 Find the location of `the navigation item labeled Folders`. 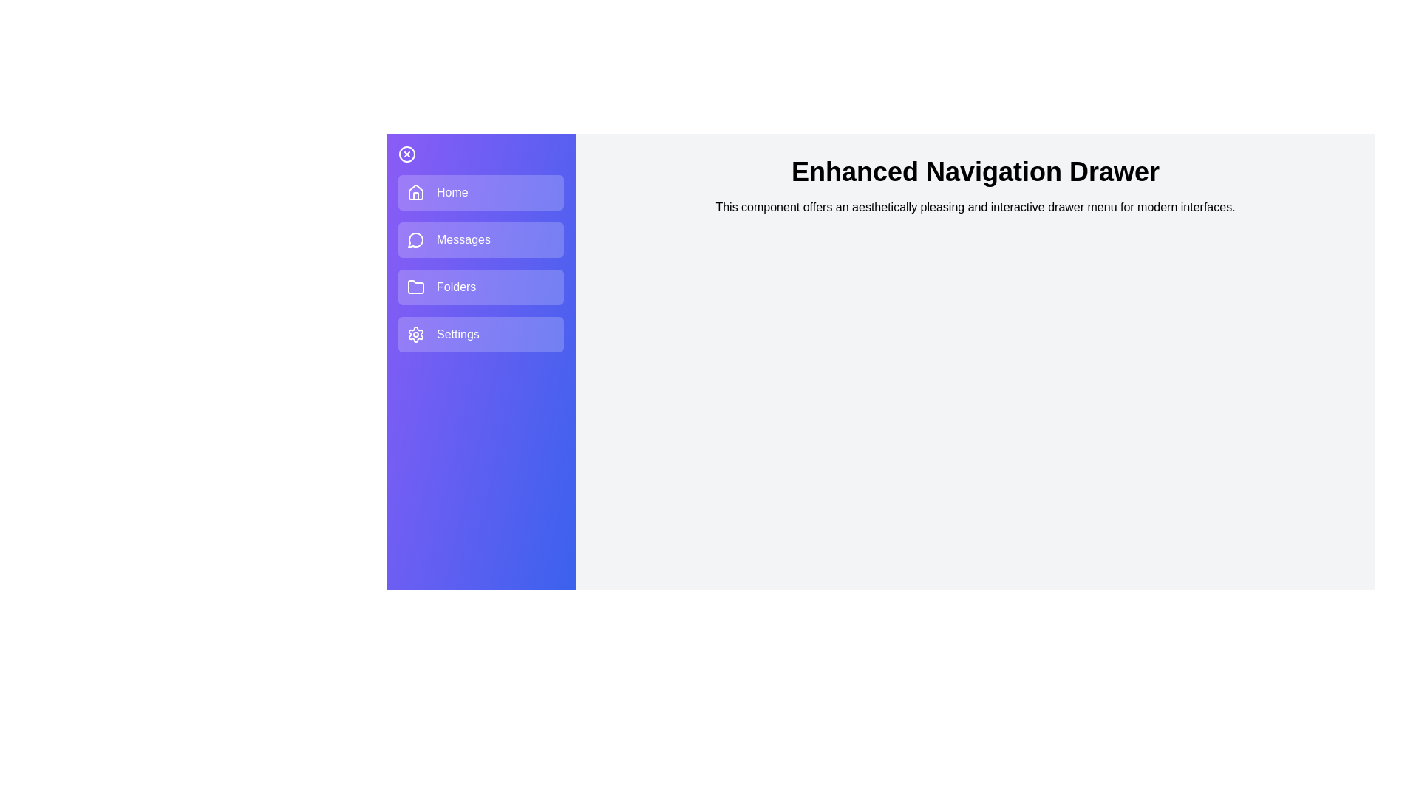

the navigation item labeled Folders is located at coordinates (481, 287).